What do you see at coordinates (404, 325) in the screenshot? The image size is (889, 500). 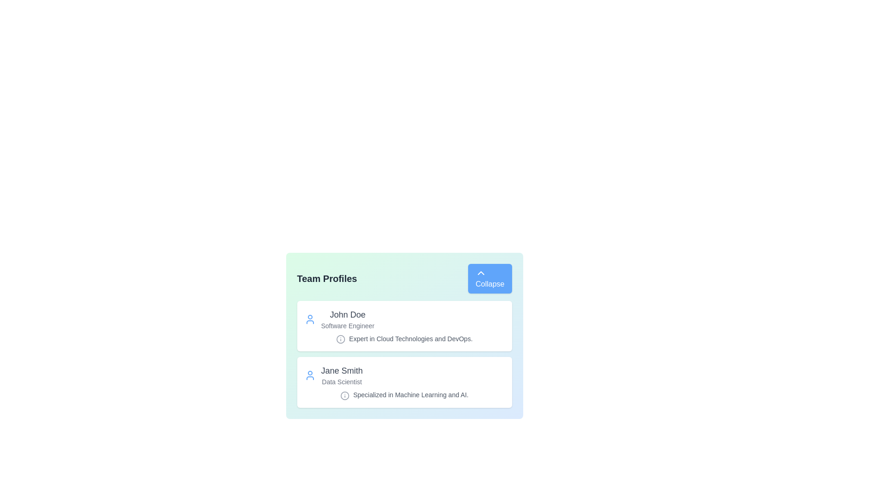 I see `the profile card of 'John Doe' to observe its hover effect` at bounding box center [404, 325].